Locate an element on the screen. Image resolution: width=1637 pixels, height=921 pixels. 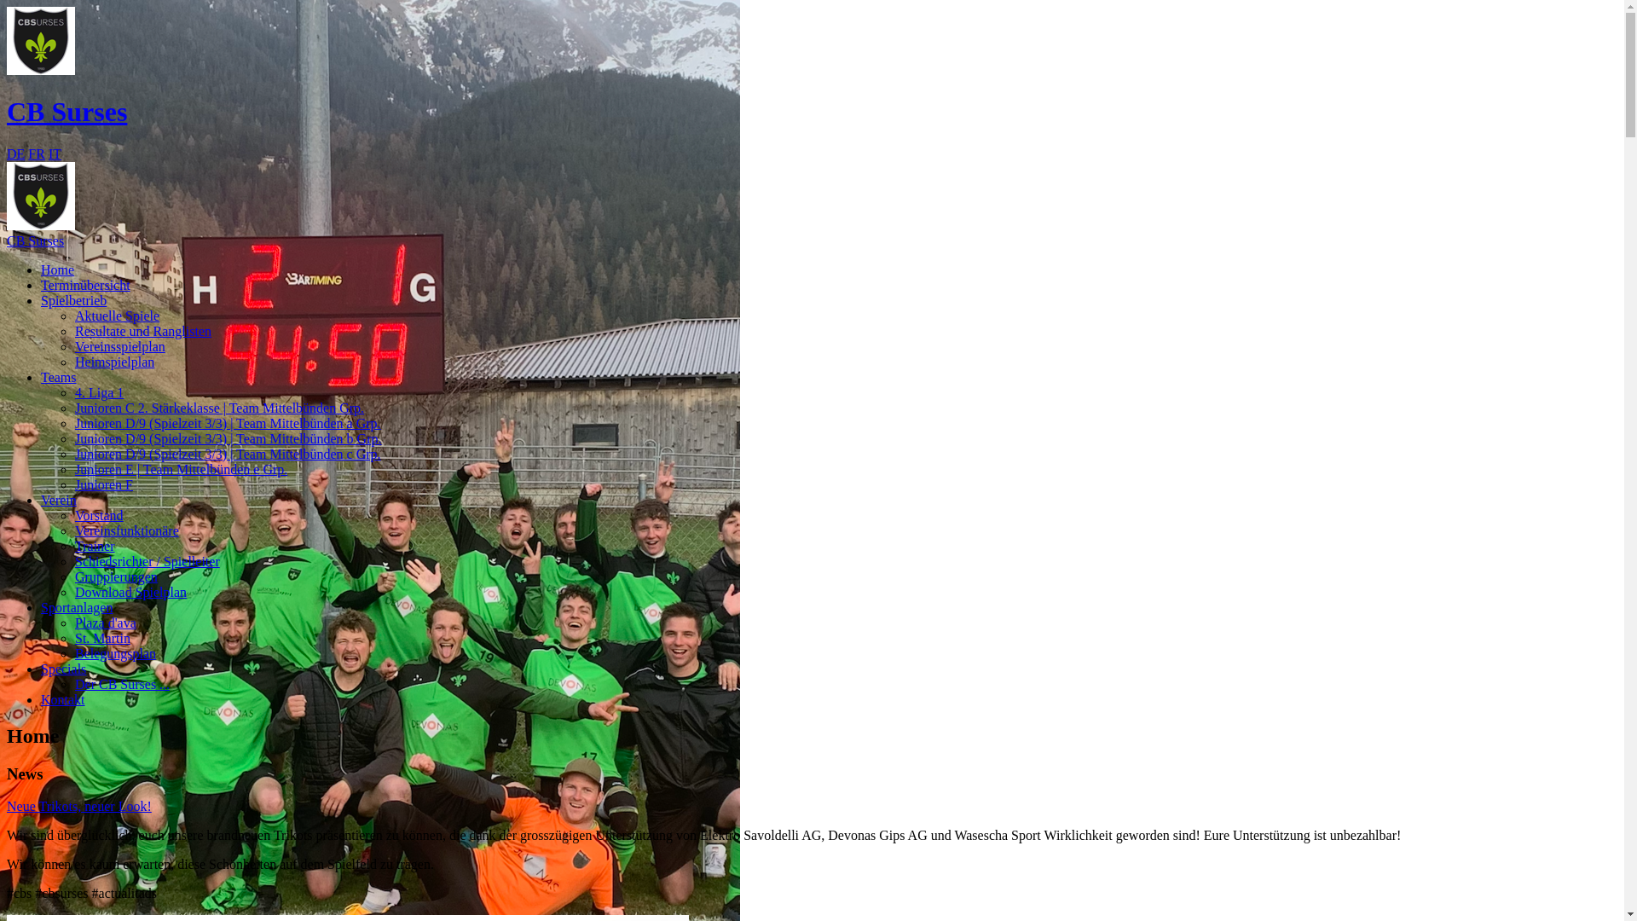
'Vorstand' is located at coordinates (98, 514).